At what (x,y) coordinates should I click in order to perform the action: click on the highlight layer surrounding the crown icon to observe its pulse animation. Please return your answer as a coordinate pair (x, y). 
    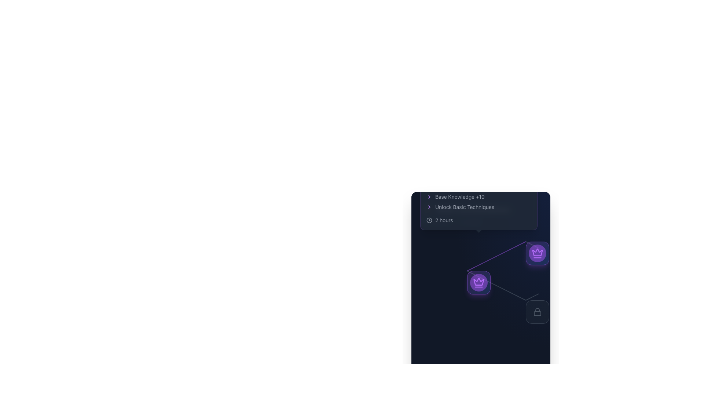
    Looking at the image, I should click on (537, 253).